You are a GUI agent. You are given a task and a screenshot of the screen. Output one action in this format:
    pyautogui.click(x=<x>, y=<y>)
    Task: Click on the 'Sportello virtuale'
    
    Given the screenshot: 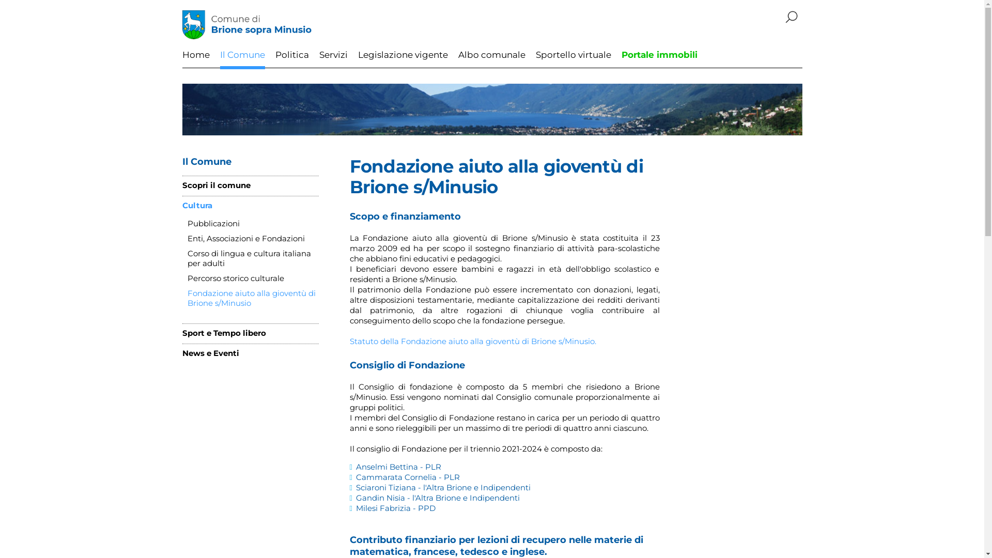 What is the action you would take?
    pyautogui.click(x=572, y=59)
    